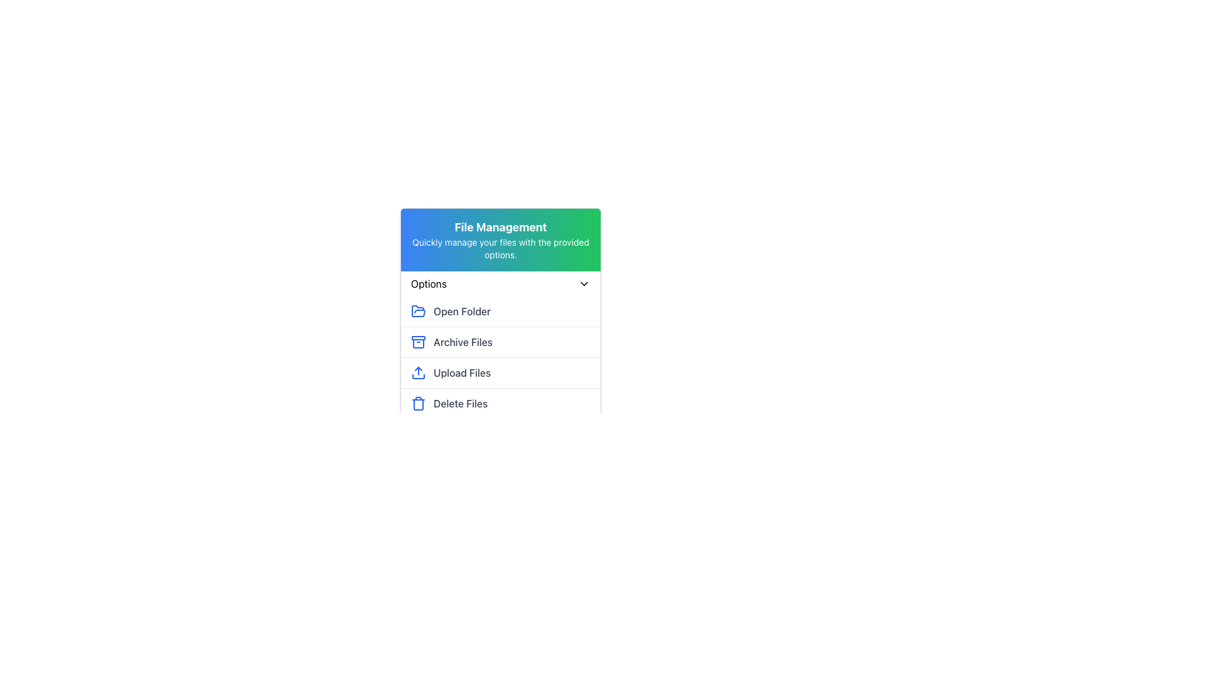 The width and height of the screenshot is (1205, 677). Describe the element at coordinates (419, 343) in the screenshot. I see `the second option in the 'Archive Files' menu icon, which represents the box element of the archive icon` at that location.